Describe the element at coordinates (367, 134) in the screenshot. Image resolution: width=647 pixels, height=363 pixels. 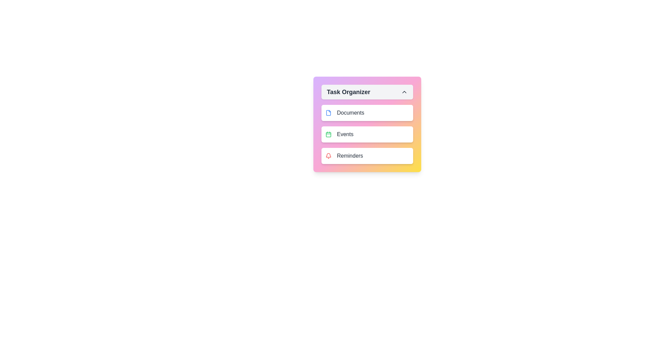
I see `the task item Events` at that location.